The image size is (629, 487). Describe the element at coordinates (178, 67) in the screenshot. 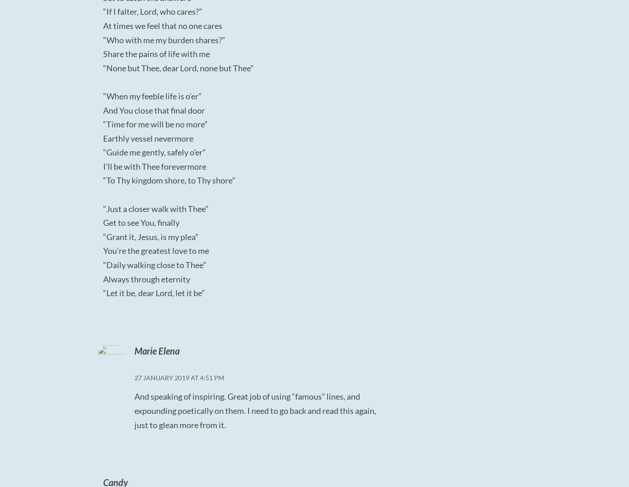

I see `'“None but Thee, dear Lord, none but Thee”'` at that location.